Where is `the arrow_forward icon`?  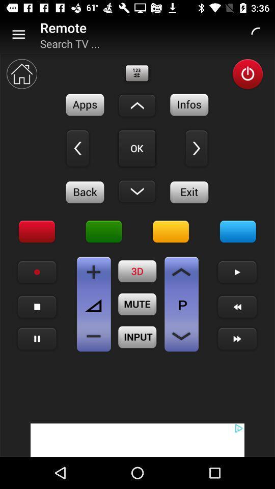 the arrow_forward icon is located at coordinates (197, 148).